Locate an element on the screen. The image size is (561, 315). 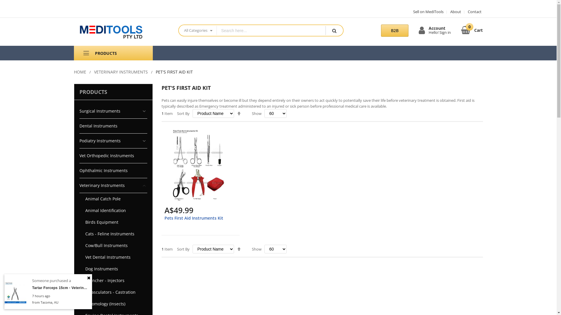
'Entomology (Insects)' is located at coordinates (79, 303).